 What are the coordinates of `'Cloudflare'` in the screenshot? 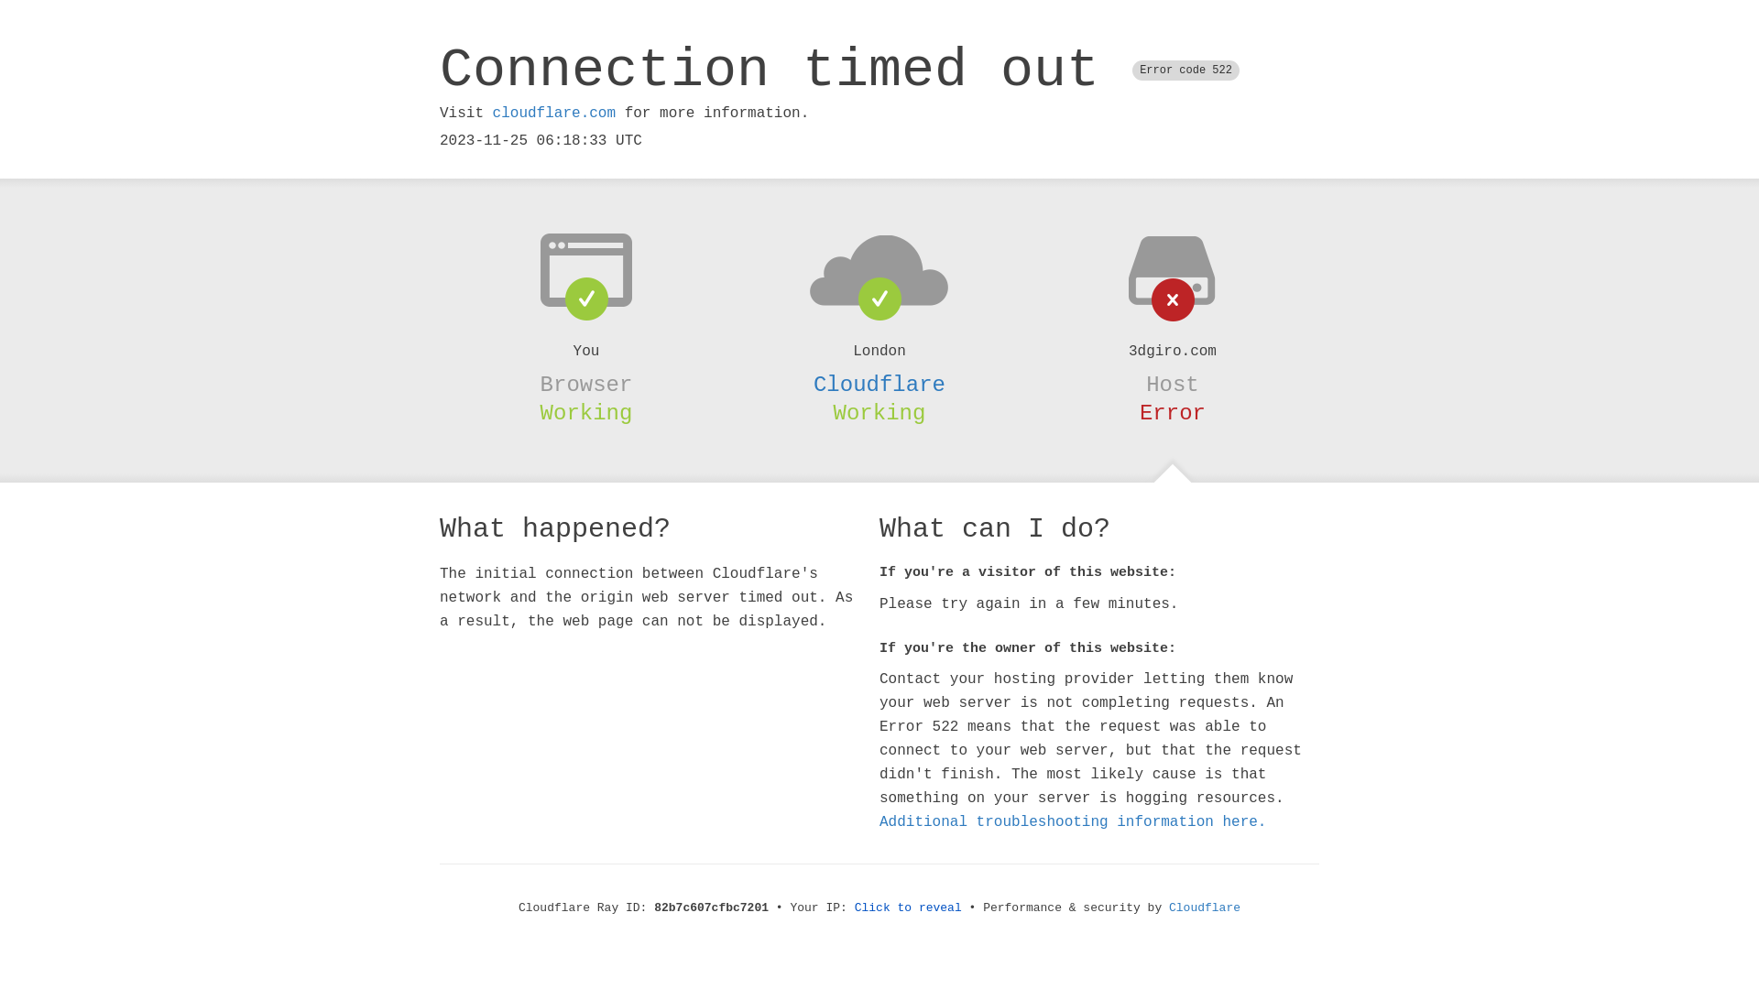 It's located at (879, 384).